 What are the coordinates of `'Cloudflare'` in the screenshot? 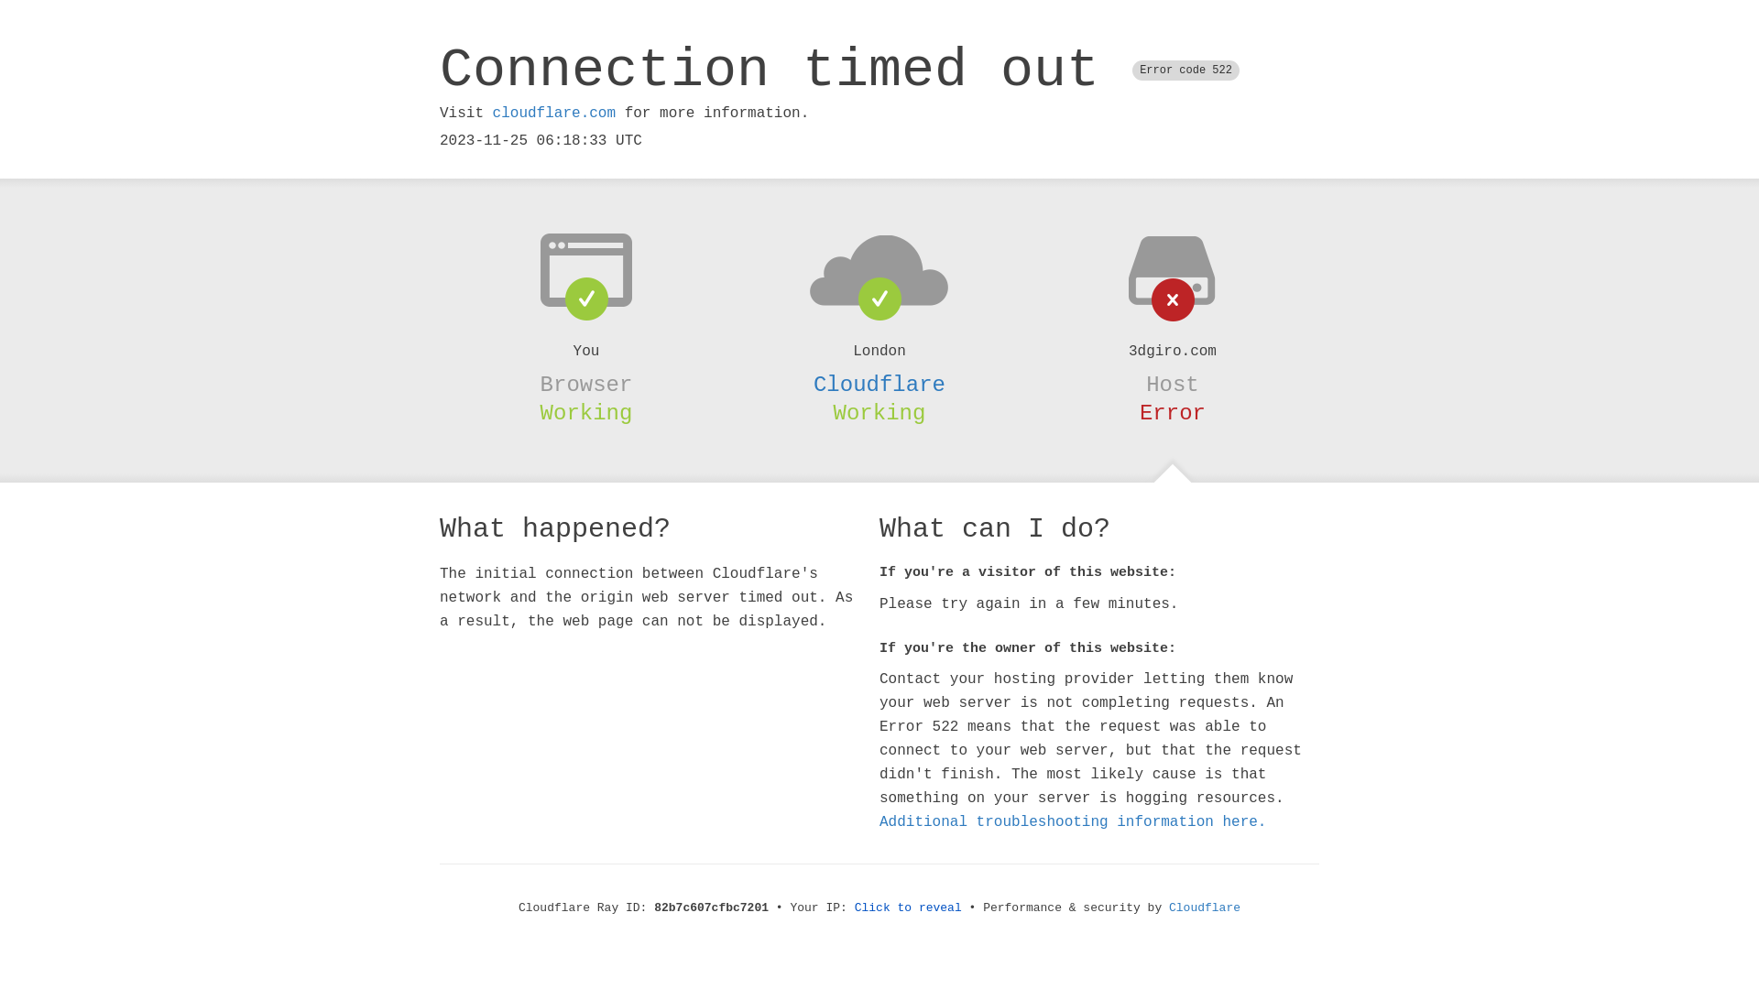 It's located at (879, 384).